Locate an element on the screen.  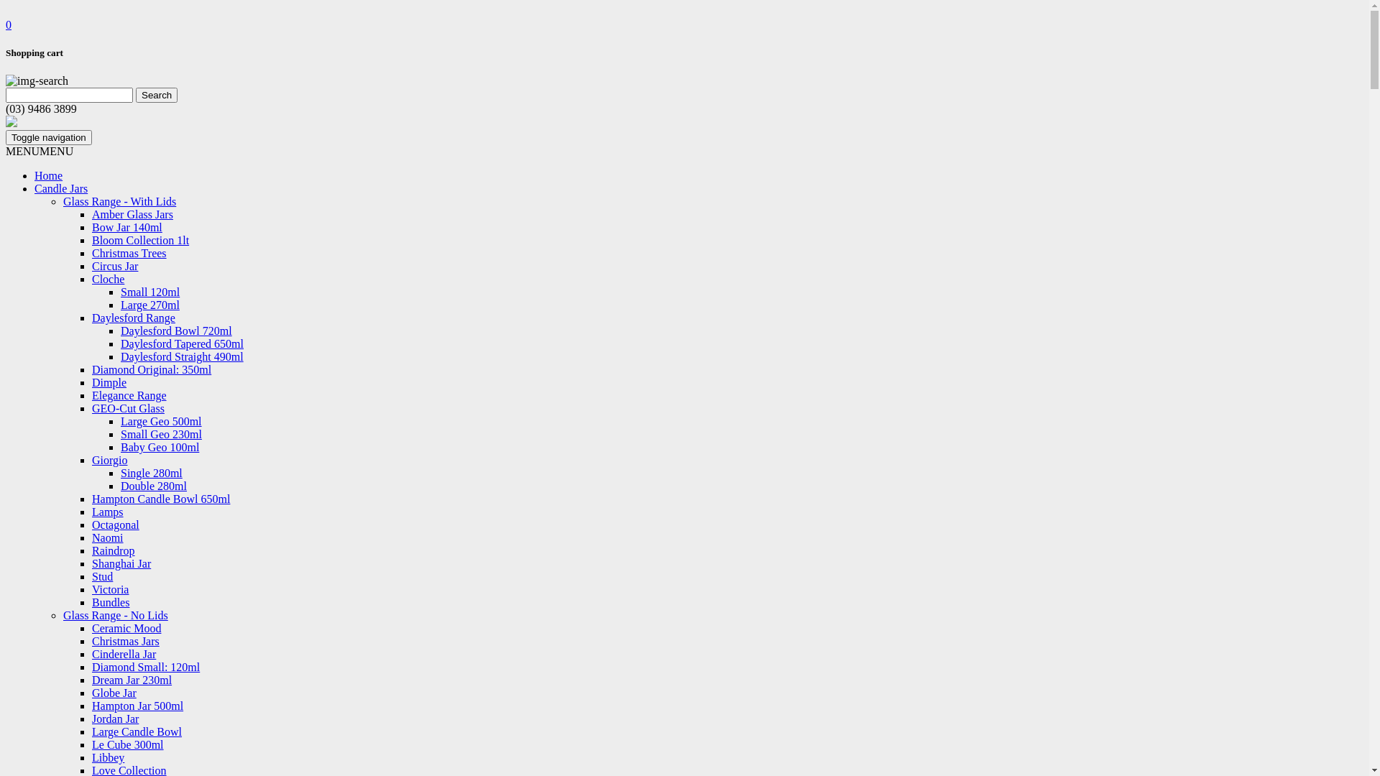
'Jordan Jar' is located at coordinates (115, 719).